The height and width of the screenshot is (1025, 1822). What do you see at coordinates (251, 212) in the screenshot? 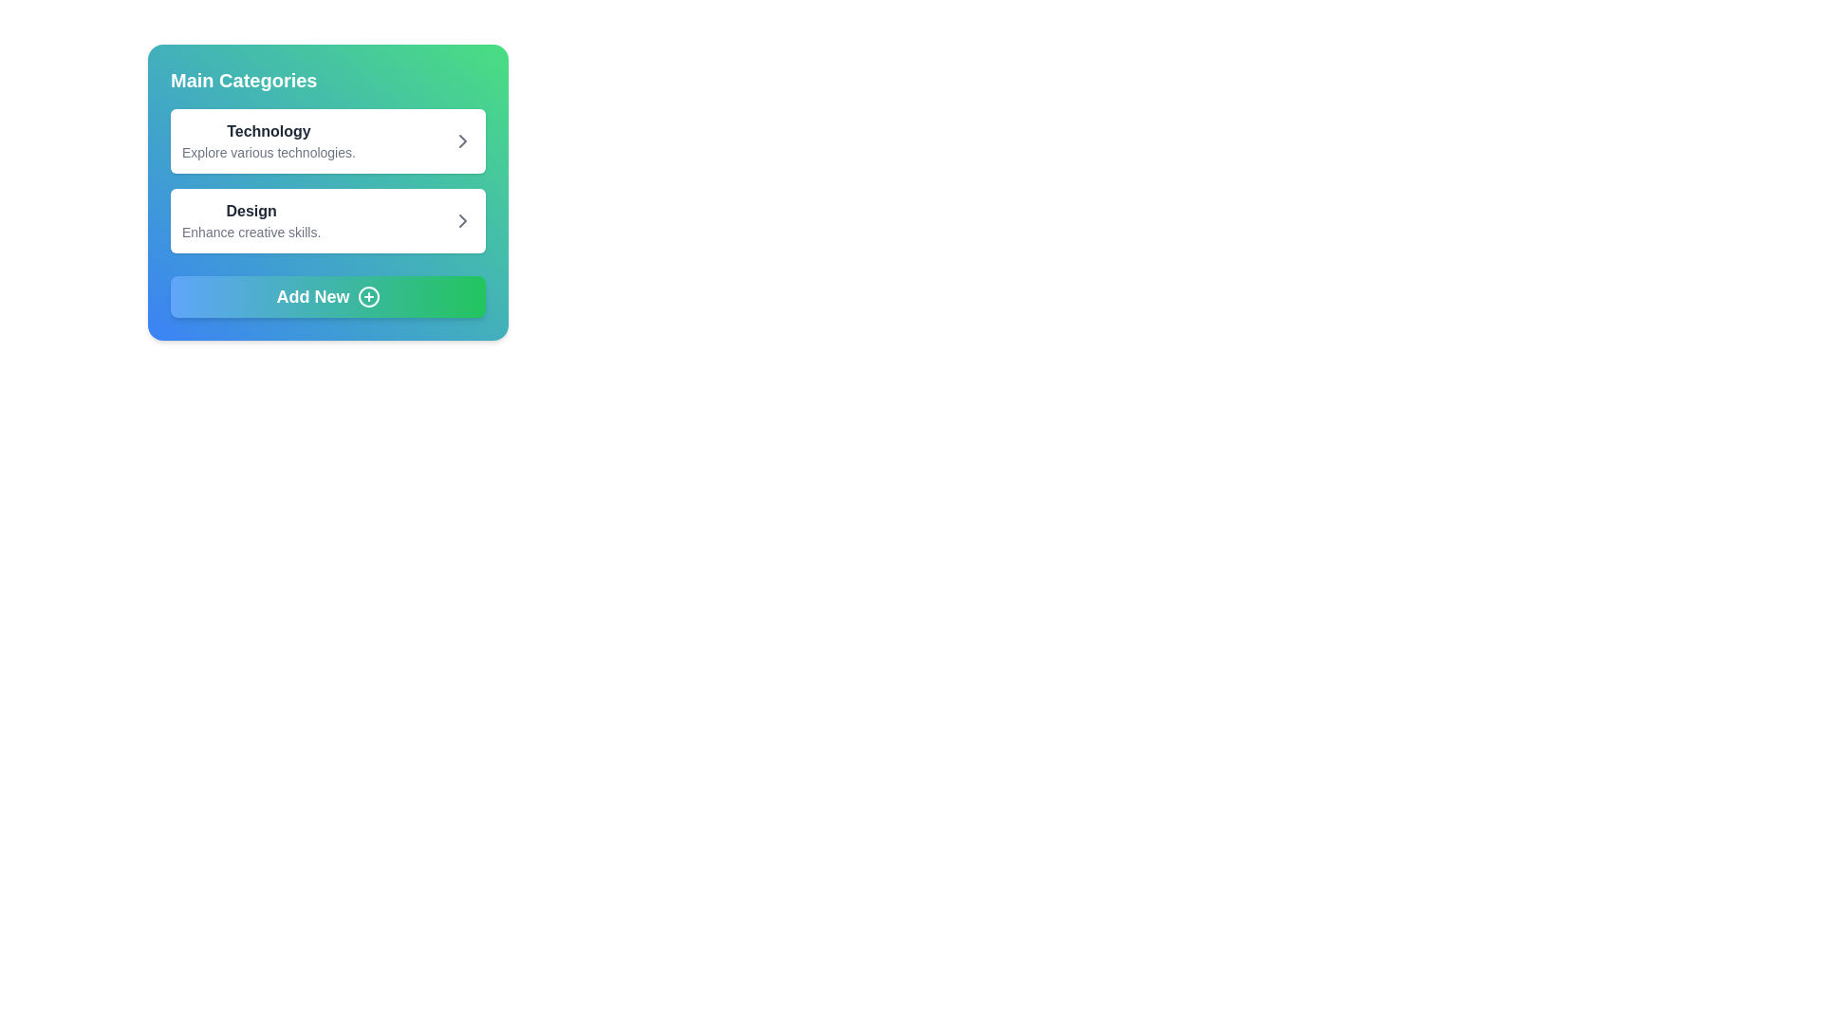
I see `title label located above the text description 'Enhance creative skills.' within the card interface that is part of the 'Main Categories' panel` at bounding box center [251, 212].